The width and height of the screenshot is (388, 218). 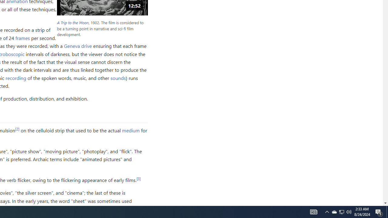 What do you see at coordinates (73, 22) in the screenshot?
I see `'A Trip to the Moon'` at bounding box center [73, 22].